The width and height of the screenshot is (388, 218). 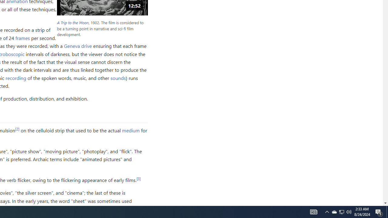 What do you see at coordinates (73, 22) in the screenshot?
I see `'A Trip to the Moon'` at bounding box center [73, 22].